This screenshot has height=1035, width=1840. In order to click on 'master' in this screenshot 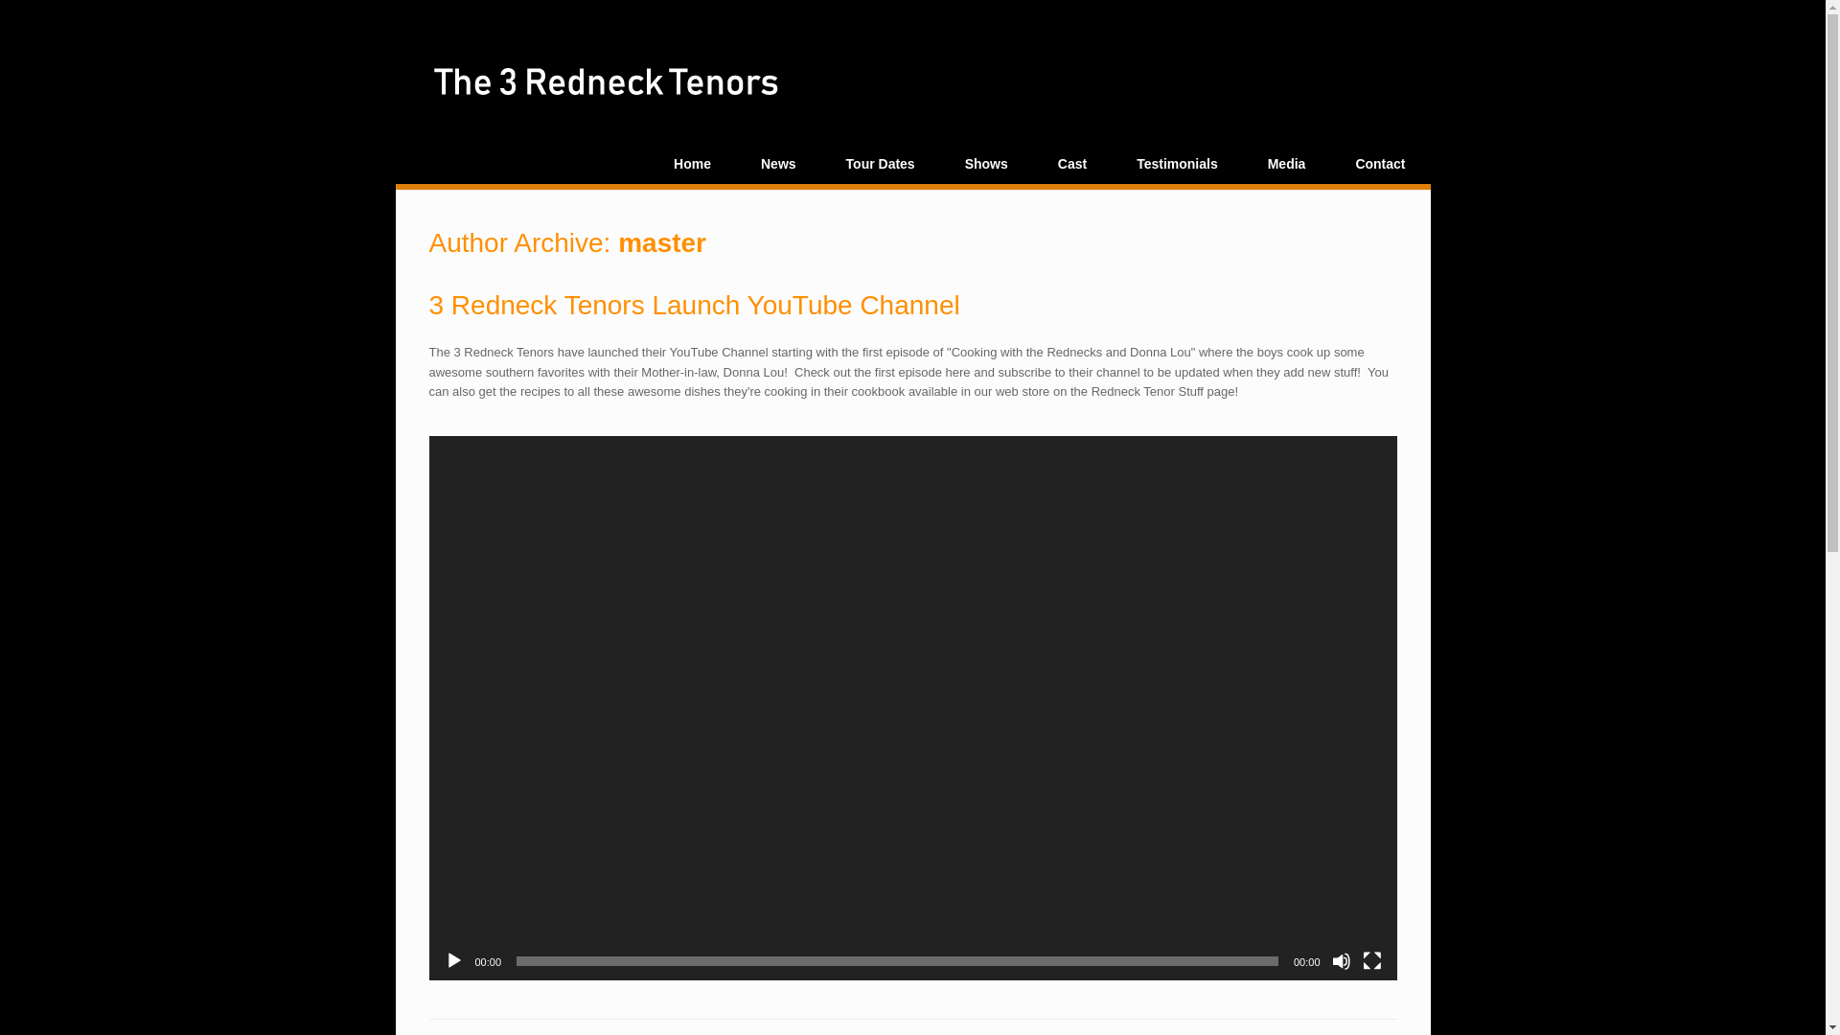, I will do `click(617, 241)`.